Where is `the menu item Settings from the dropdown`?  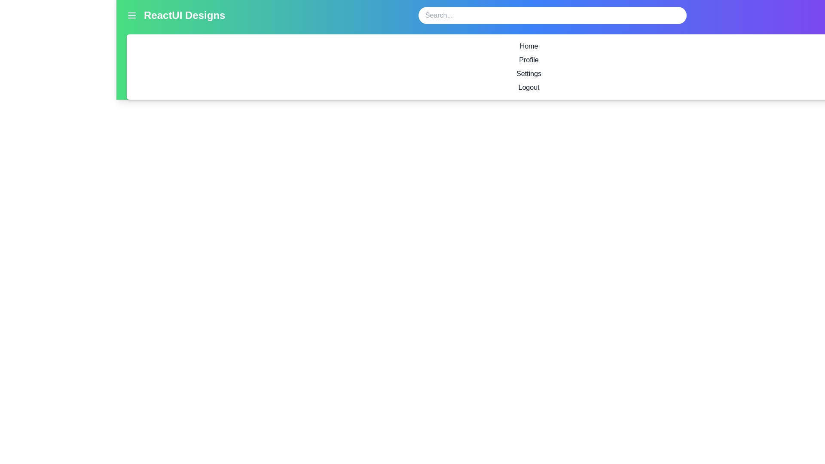
the menu item Settings from the dropdown is located at coordinates (528, 73).